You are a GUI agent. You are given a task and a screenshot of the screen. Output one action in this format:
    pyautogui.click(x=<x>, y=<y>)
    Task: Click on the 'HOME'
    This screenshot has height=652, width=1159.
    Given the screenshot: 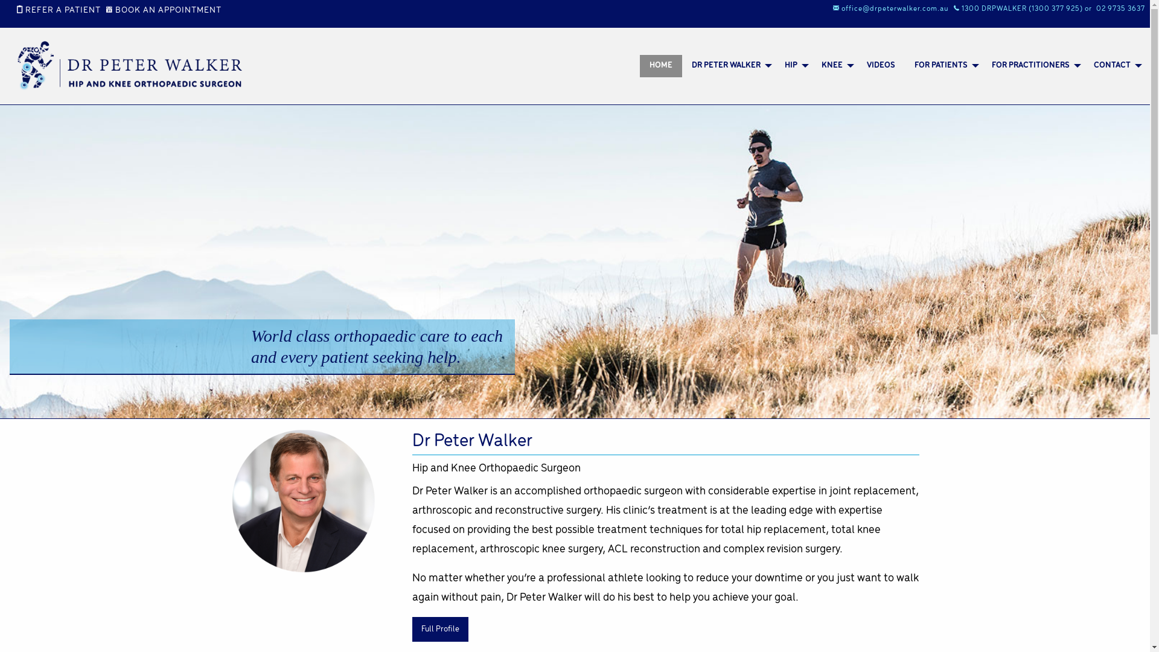 What is the action you would take?
    pyautogui.click(x=660, y=66)
    